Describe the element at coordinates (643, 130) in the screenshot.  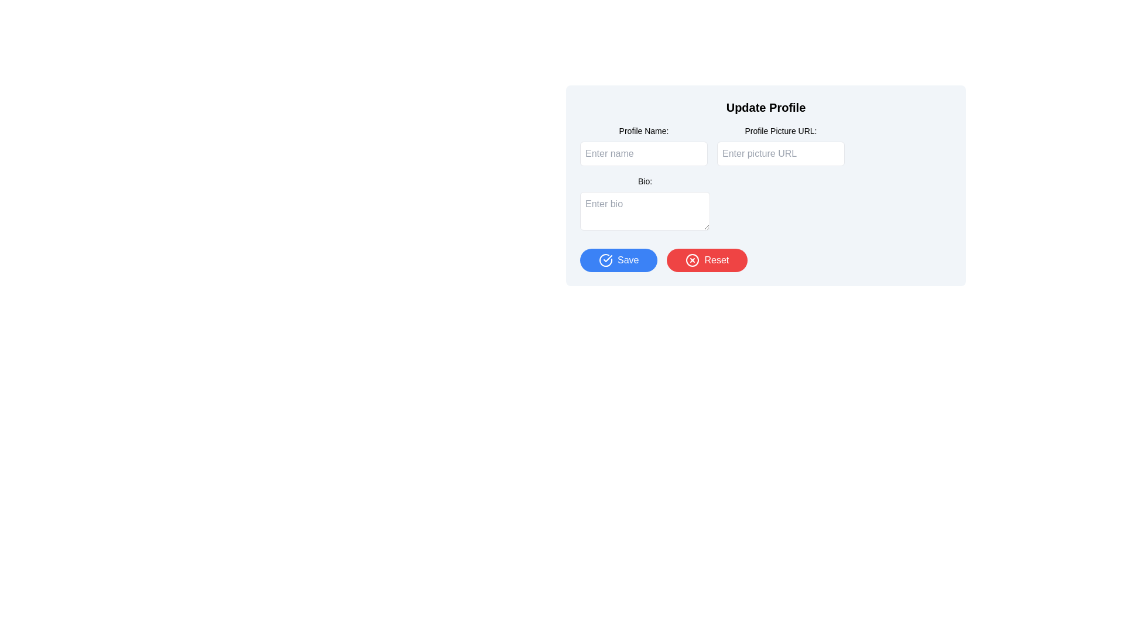
I see `the text label displaying 'Profile Name:' which is located above the input field in the left portion of the form area` at that location.